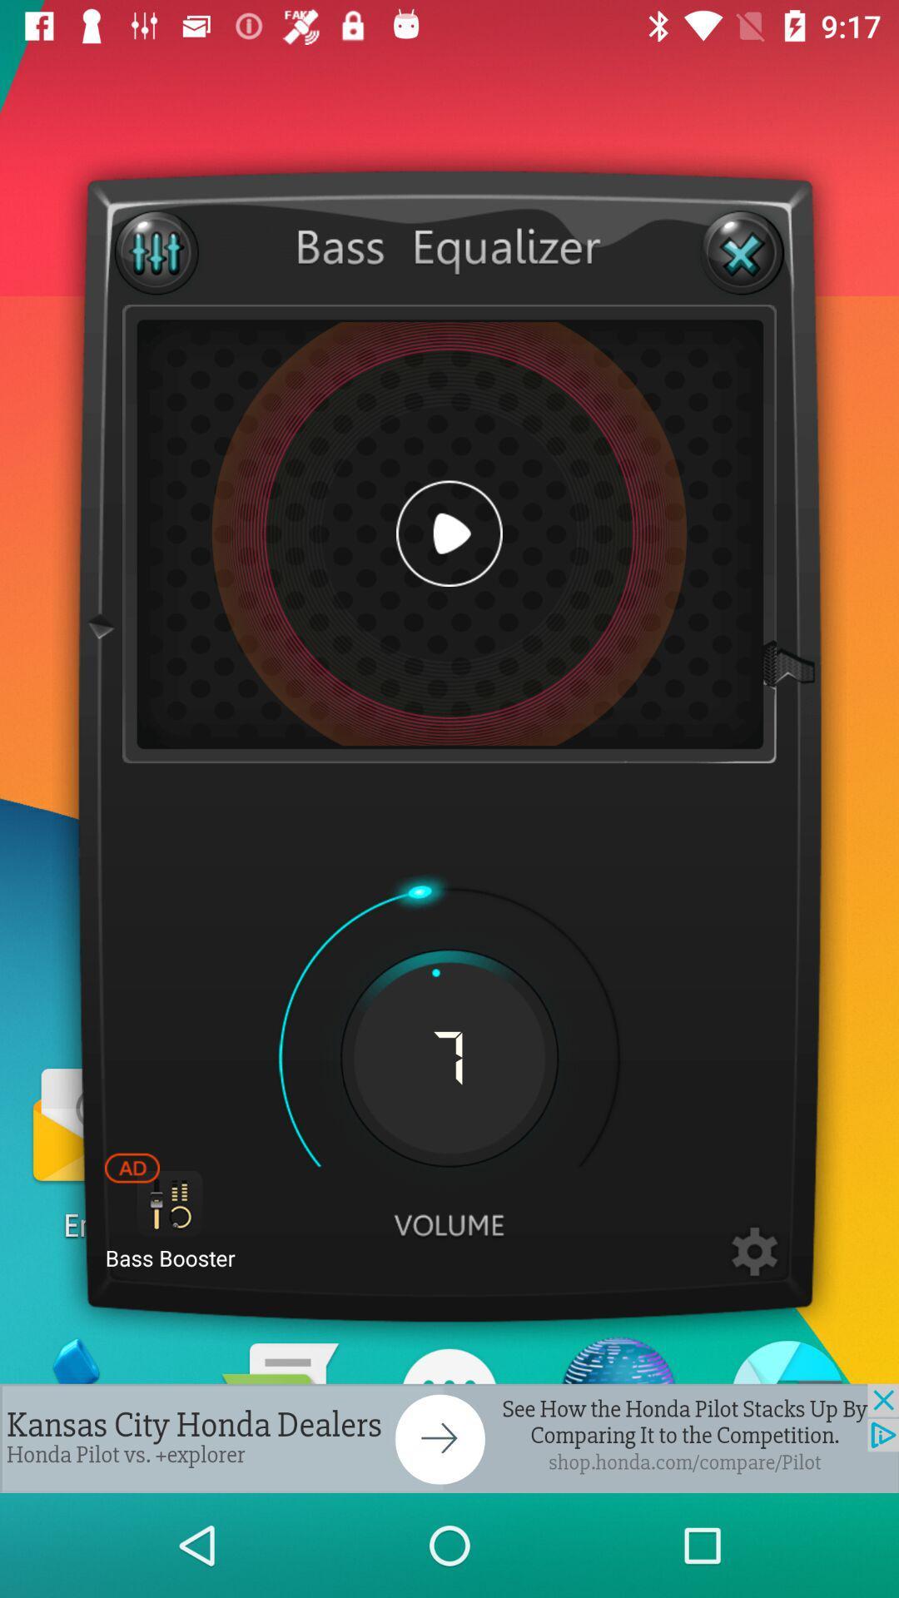 The width and height of the screenshot is (899, 1598). What do you see at coordinates (754, 1253) in the screenshot?
I see `setting option` at bounding box center [754, 1253].